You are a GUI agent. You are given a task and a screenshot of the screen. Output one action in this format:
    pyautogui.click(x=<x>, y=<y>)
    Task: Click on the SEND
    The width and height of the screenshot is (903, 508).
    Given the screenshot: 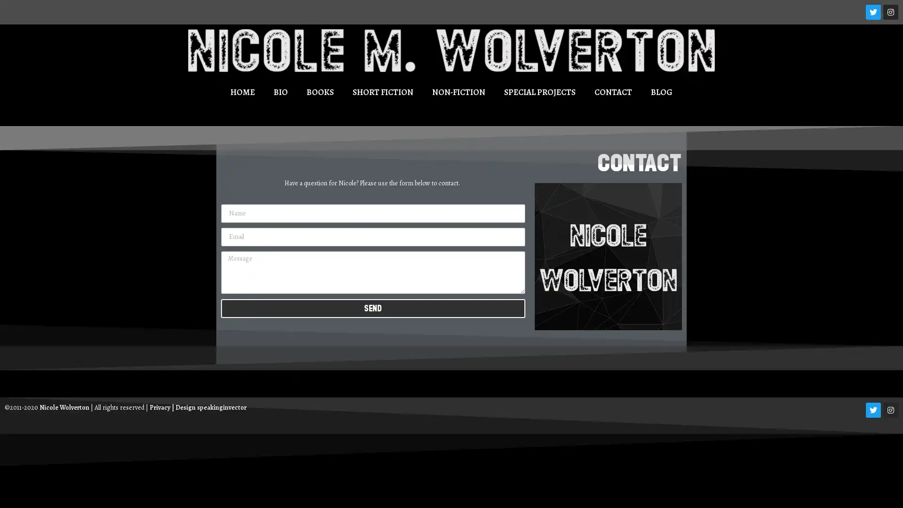 What is the action you would take?
    pyautogui.click(x=372, y=308)
    